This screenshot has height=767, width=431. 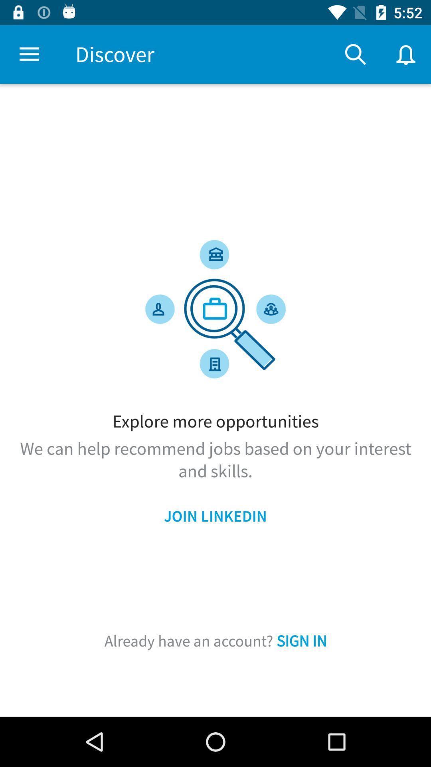 I want to click on the join linkedin icon, so click(x=215, y=516).